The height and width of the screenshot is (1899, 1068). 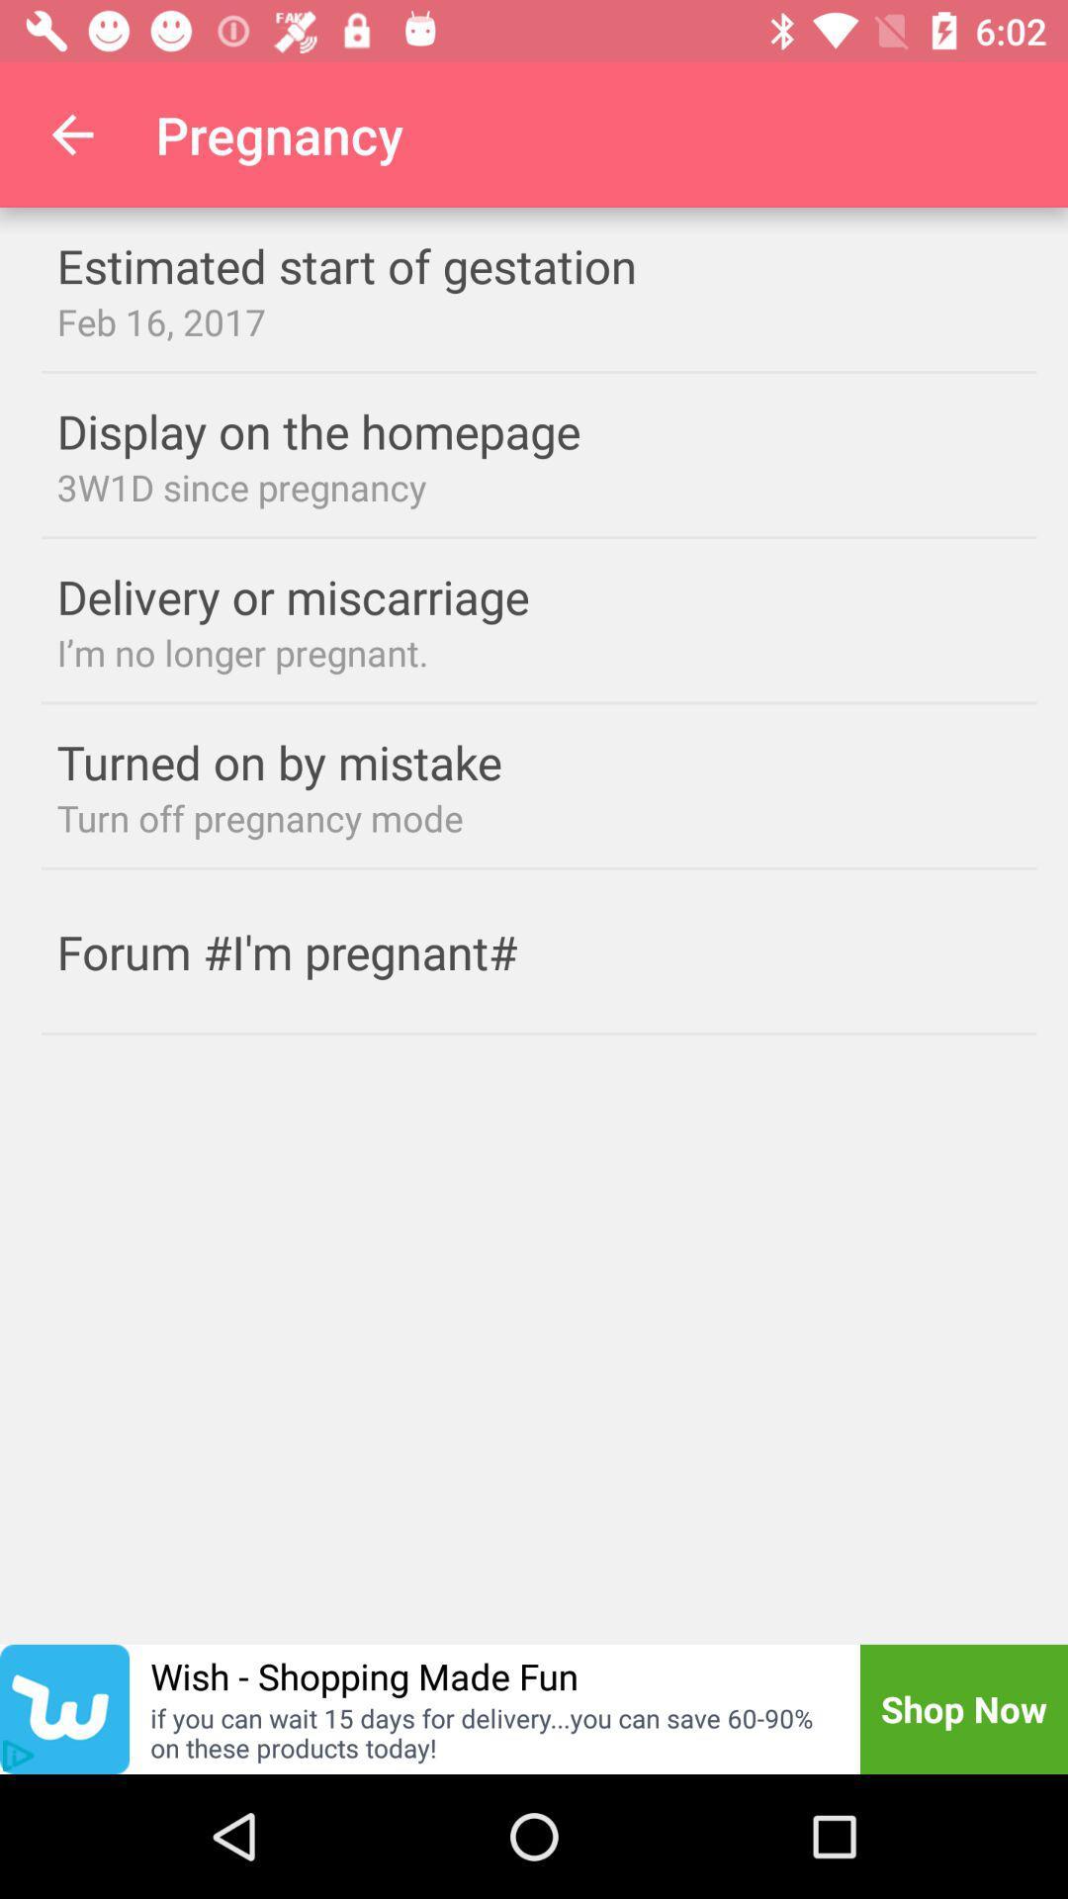 What do you see at coordinates (539, 487) in the screenshot?
I see `3w1d since pregnancy item` at bounding box center [539, 487].